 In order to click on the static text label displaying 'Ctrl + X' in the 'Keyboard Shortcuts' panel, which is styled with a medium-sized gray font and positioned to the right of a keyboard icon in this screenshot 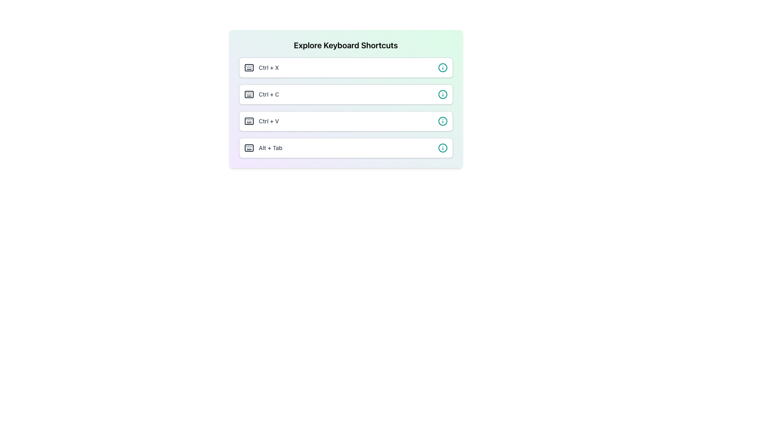, I will do `click(269, 67)`.